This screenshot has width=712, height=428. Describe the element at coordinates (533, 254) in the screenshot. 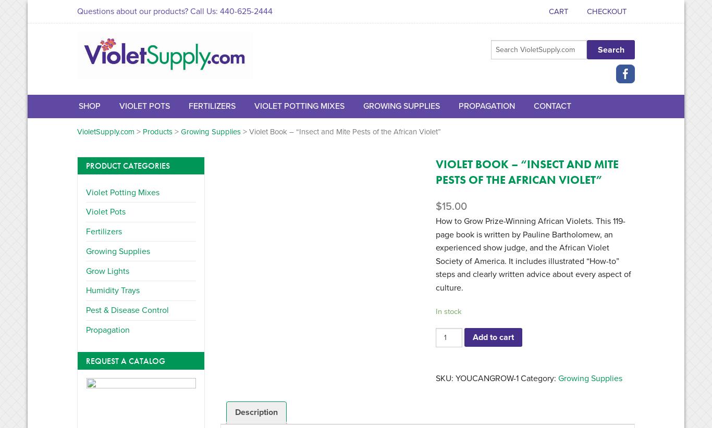

I see `'How to Grow Prize-Winning African Violets. This 119-page book is written by Pauline Bartholomew, an experienced show judge, and the African Violet Society of America. It includes illustrated “How-to” steps and clearly written advice about every aspect of culture.'` at that location.